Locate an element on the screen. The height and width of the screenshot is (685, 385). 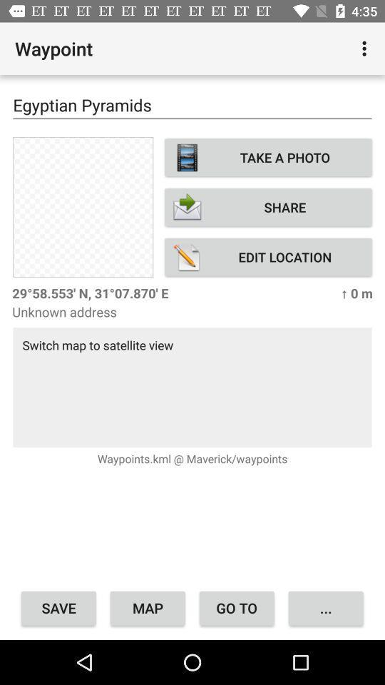
item to the left of the take a photo item is located at coordinates (83, 206).